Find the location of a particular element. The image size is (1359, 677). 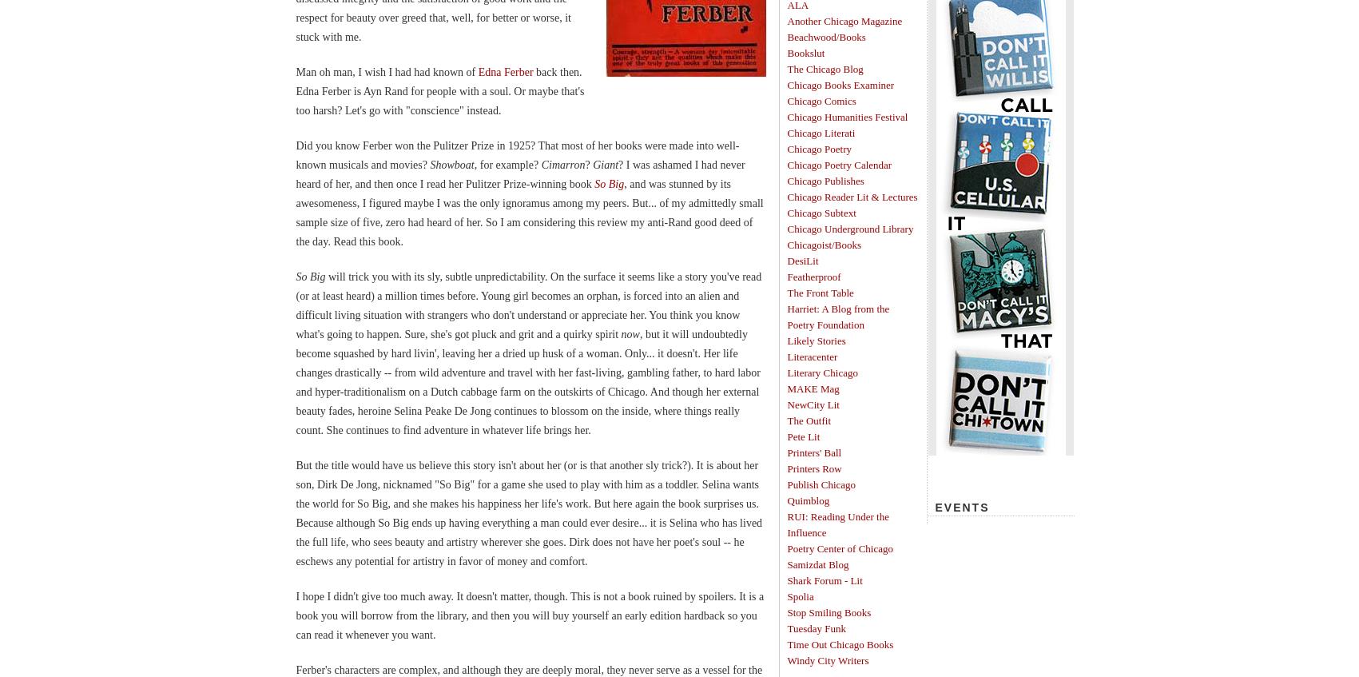

'Literacenter' is located at coordinates (812, 356).